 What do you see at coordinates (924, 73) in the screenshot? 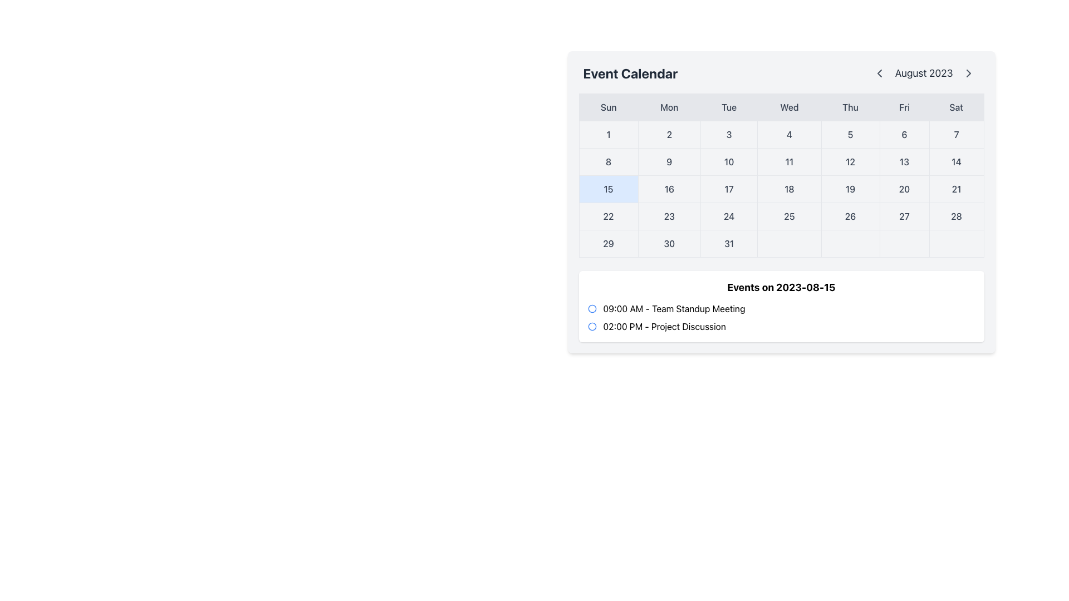
I see `the header text label indicating the currently displayed month and year within the calendar interface` at bounding box center [924, 73].